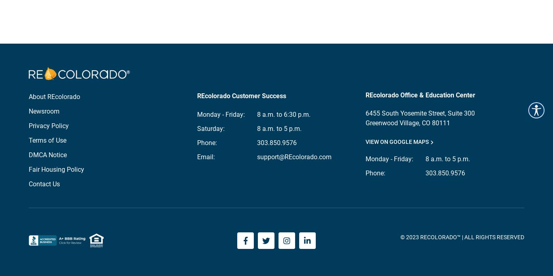 The height and width of the screenshot is (276, 553). What do you see at coordinates (48, 125) in the screenshot?
I see `'Privacy Policy'` at bounding box center [48, 125].